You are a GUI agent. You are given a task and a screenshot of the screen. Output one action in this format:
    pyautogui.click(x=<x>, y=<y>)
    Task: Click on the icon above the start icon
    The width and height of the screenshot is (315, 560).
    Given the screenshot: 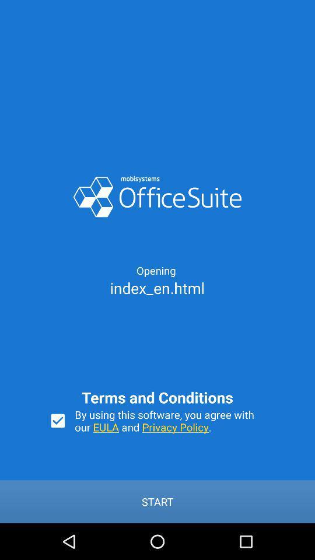 What is the action you would take?
    pyautogui.click(x=170, y=420)
    